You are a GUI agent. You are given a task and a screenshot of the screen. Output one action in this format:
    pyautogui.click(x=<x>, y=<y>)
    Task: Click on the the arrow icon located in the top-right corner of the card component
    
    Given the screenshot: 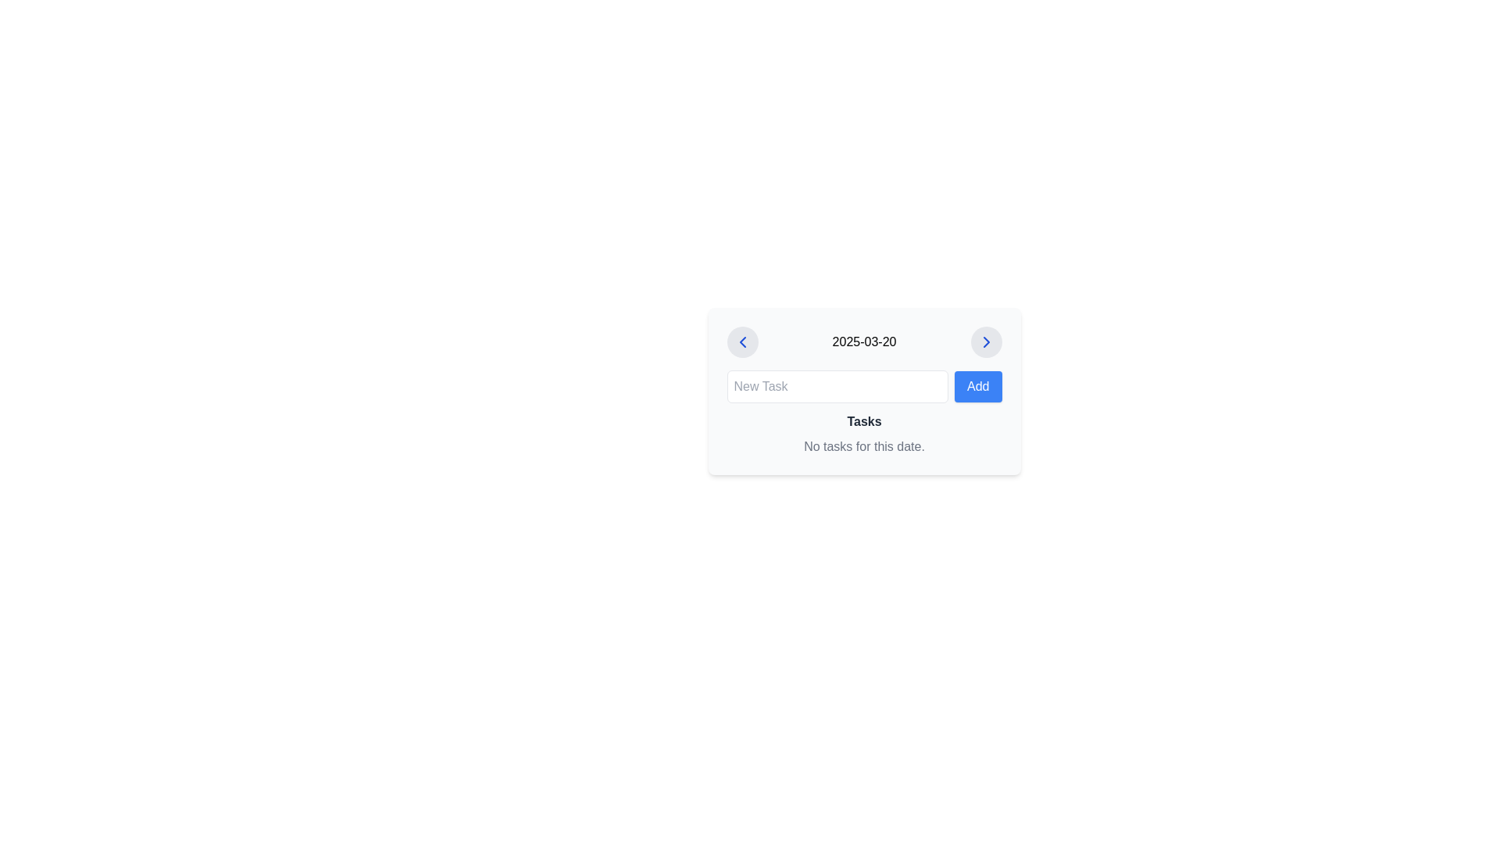 What is the action you would take?
    pyautogui.click(x=985, y=342)
    